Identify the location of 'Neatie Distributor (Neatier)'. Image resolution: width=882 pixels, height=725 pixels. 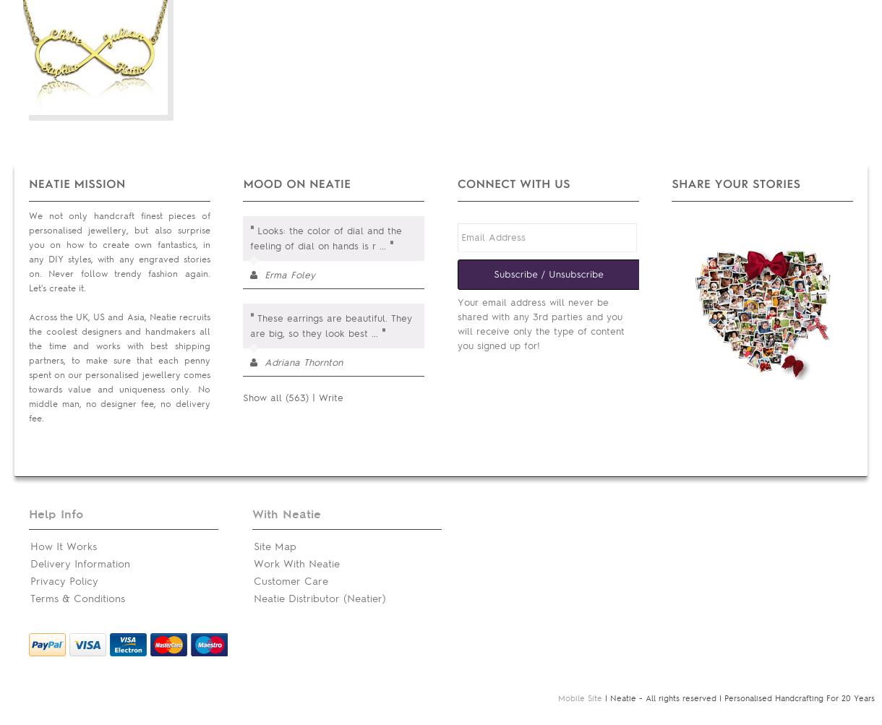
(253, 599).